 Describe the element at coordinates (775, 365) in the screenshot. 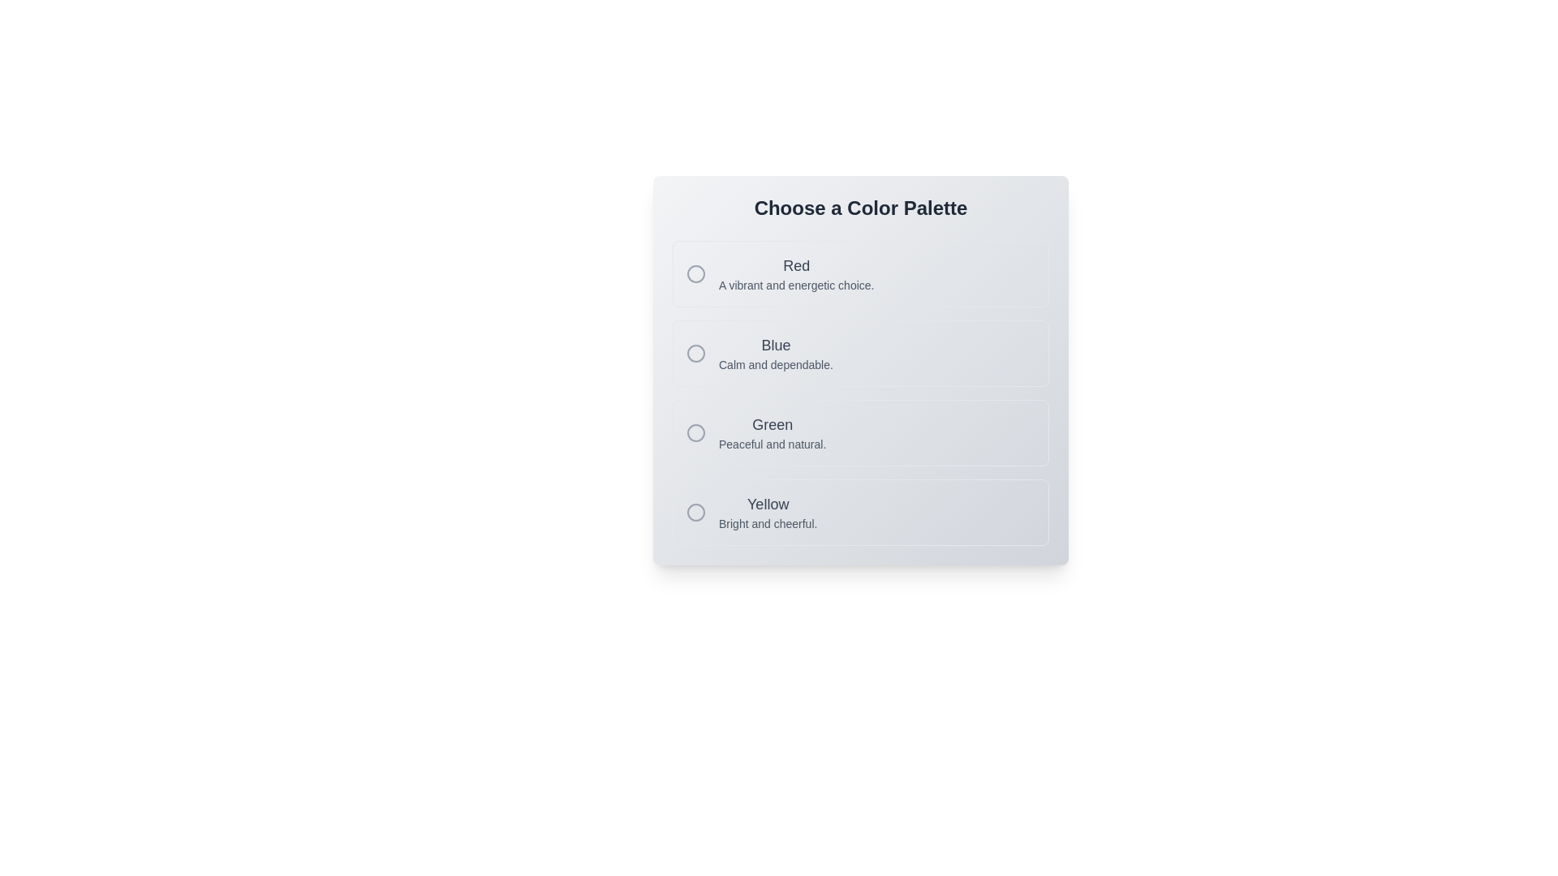

I see `the text label that provides additional descriptive information for the 'Blue' option, which is located below the main text 'Blue' in a vertical list of options` at that location.